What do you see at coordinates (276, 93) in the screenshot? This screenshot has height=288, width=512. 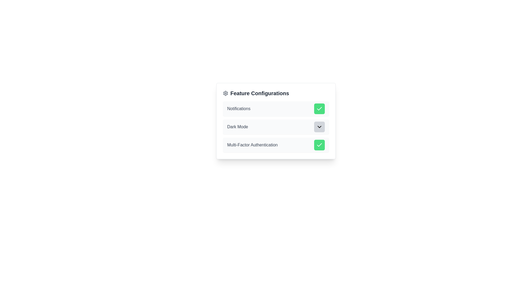 I see `the Header element titled 'Feature Configurations', which includes a bold heading and a gear icon, located at the top of a bordered rectangular card` at bounding box center [276, 93].